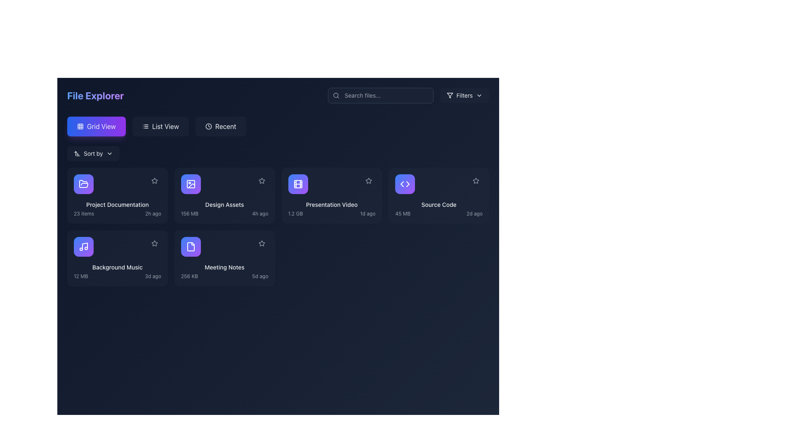 This screenshot has width=792, height=445. I want to click on the filter icon located within the 'Filters' button group on the right of the top navigation bar, which is the first icon preceding the 'Filters' text label, so click(449, 95).